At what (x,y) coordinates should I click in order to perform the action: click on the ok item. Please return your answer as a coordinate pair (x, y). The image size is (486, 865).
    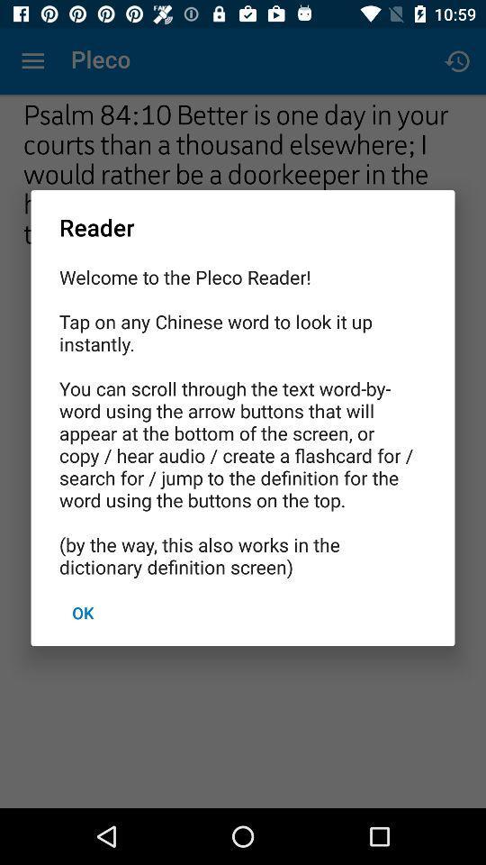
    Looking at the image, I should click on (82, 613).